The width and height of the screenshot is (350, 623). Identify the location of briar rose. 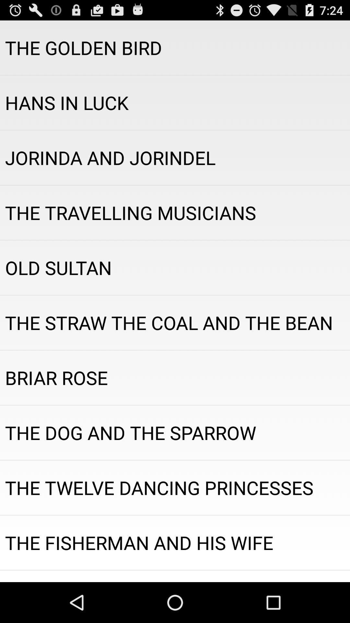
(175, 377).